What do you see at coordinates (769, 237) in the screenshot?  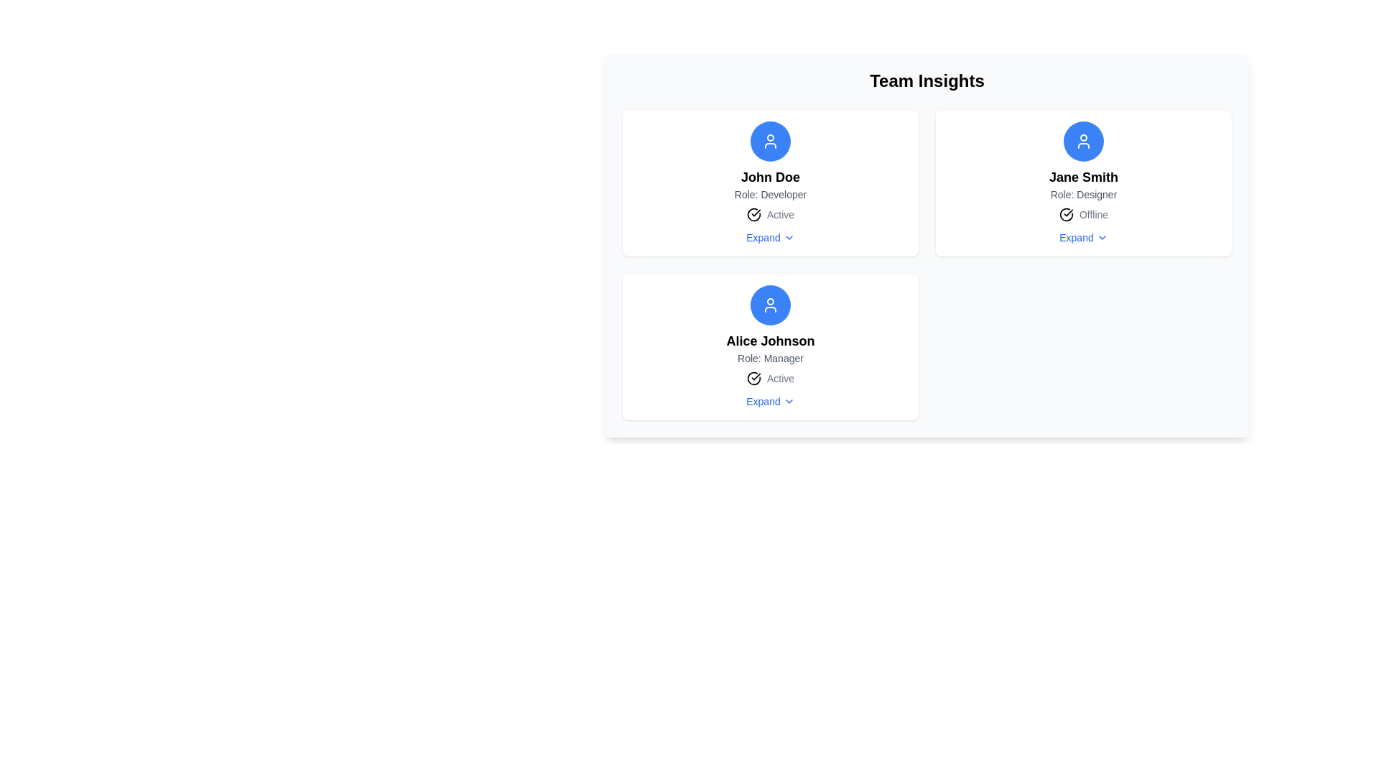 I see `the interactive text with an icon located at the bottom part of the 'John Doe' card in the 'Team Insights' section` at bounding box center [769, 237].